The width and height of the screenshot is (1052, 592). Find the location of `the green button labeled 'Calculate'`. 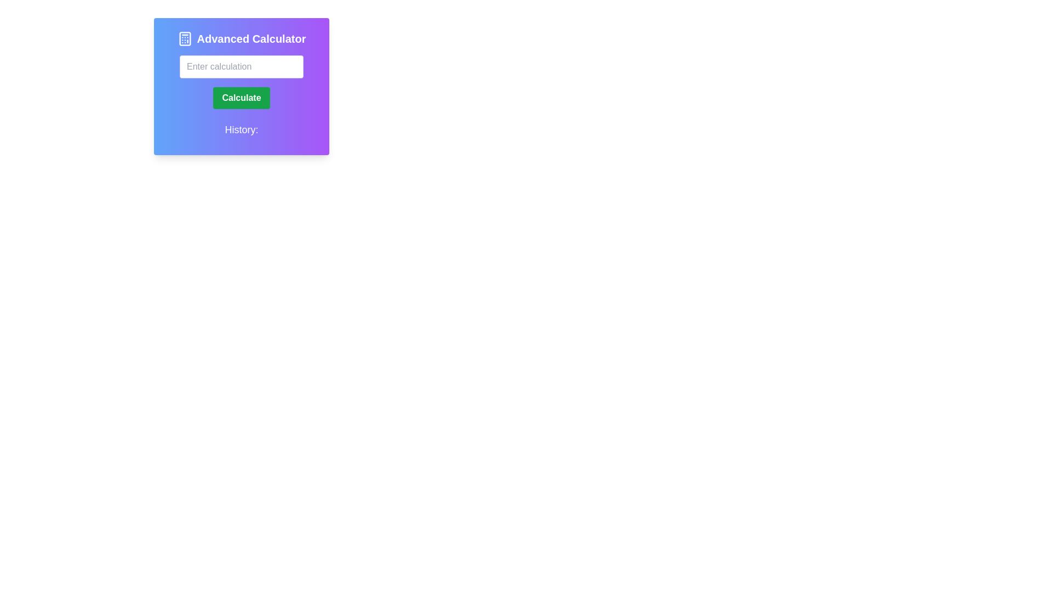

the green button labeled 'Calculate' is located at coordinates (241, 97).